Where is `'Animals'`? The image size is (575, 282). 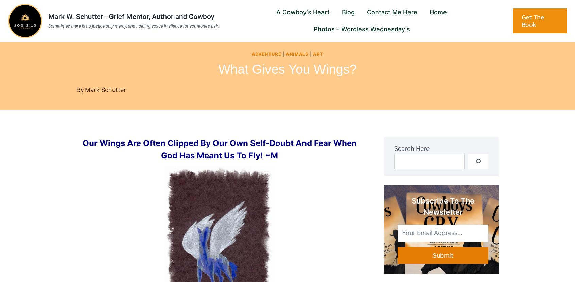 'Animals' is located at coordinates (296, 53).